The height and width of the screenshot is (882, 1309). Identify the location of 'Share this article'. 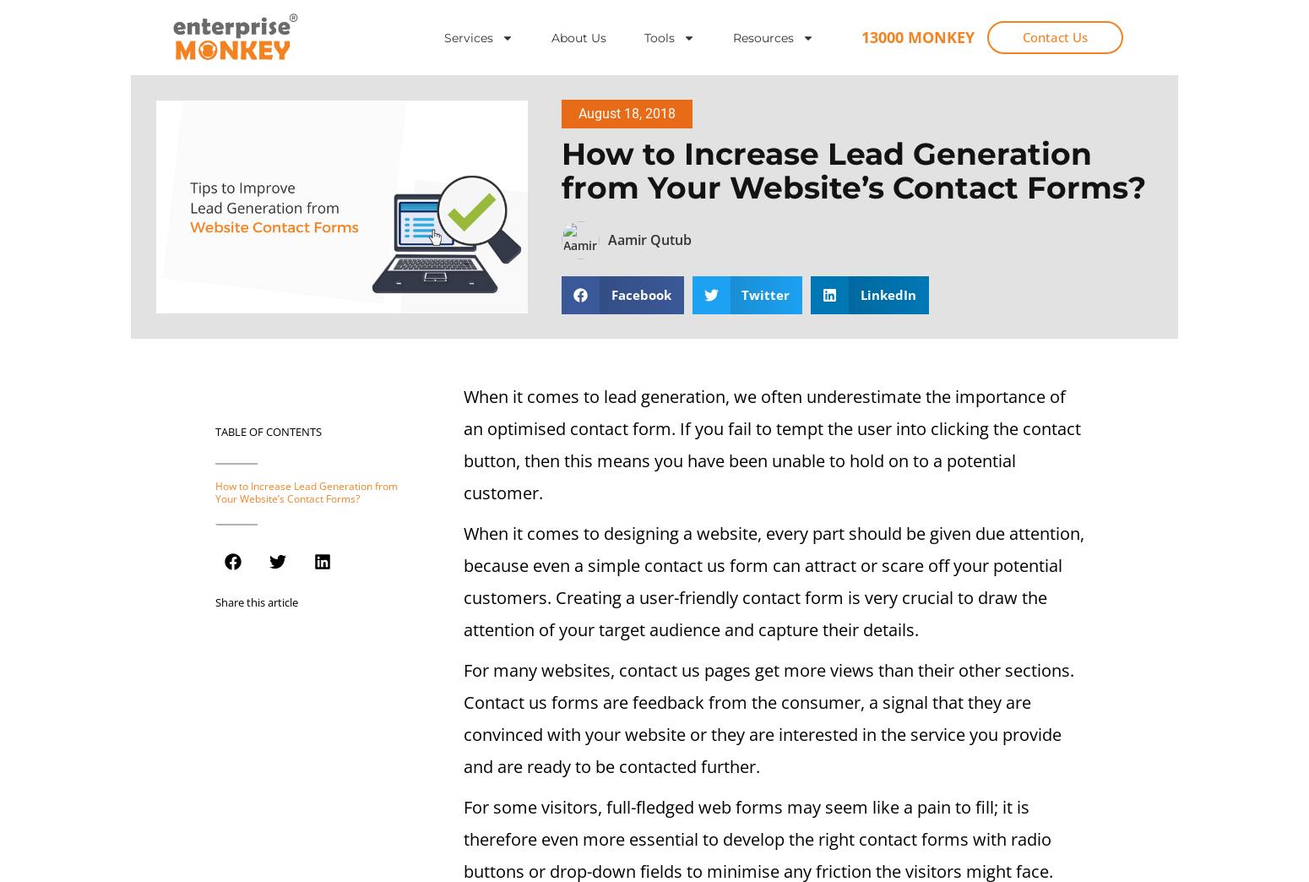
(256, 602).